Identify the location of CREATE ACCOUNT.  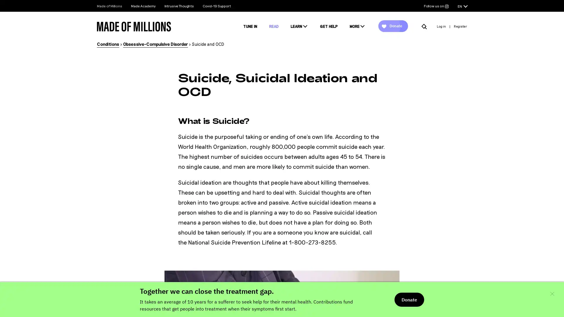
(282, 225).